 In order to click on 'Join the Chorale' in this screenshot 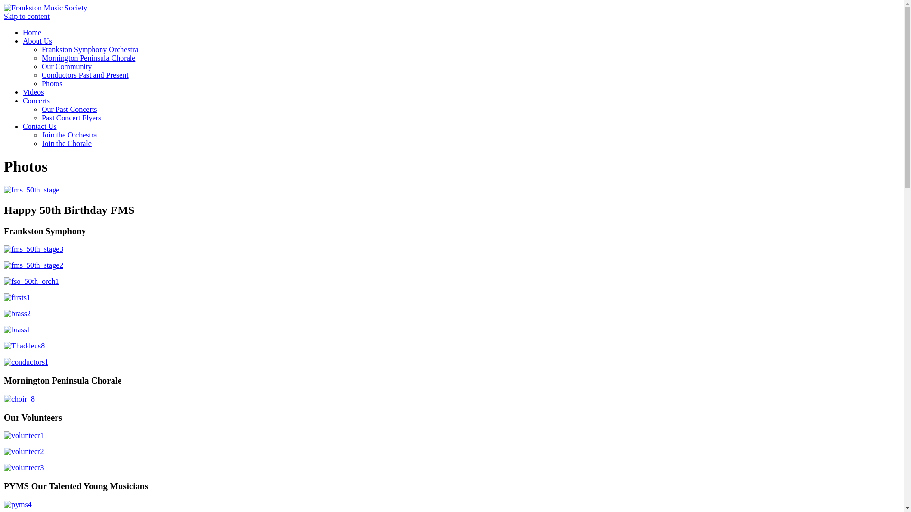, I will do `click(66, 143)`.